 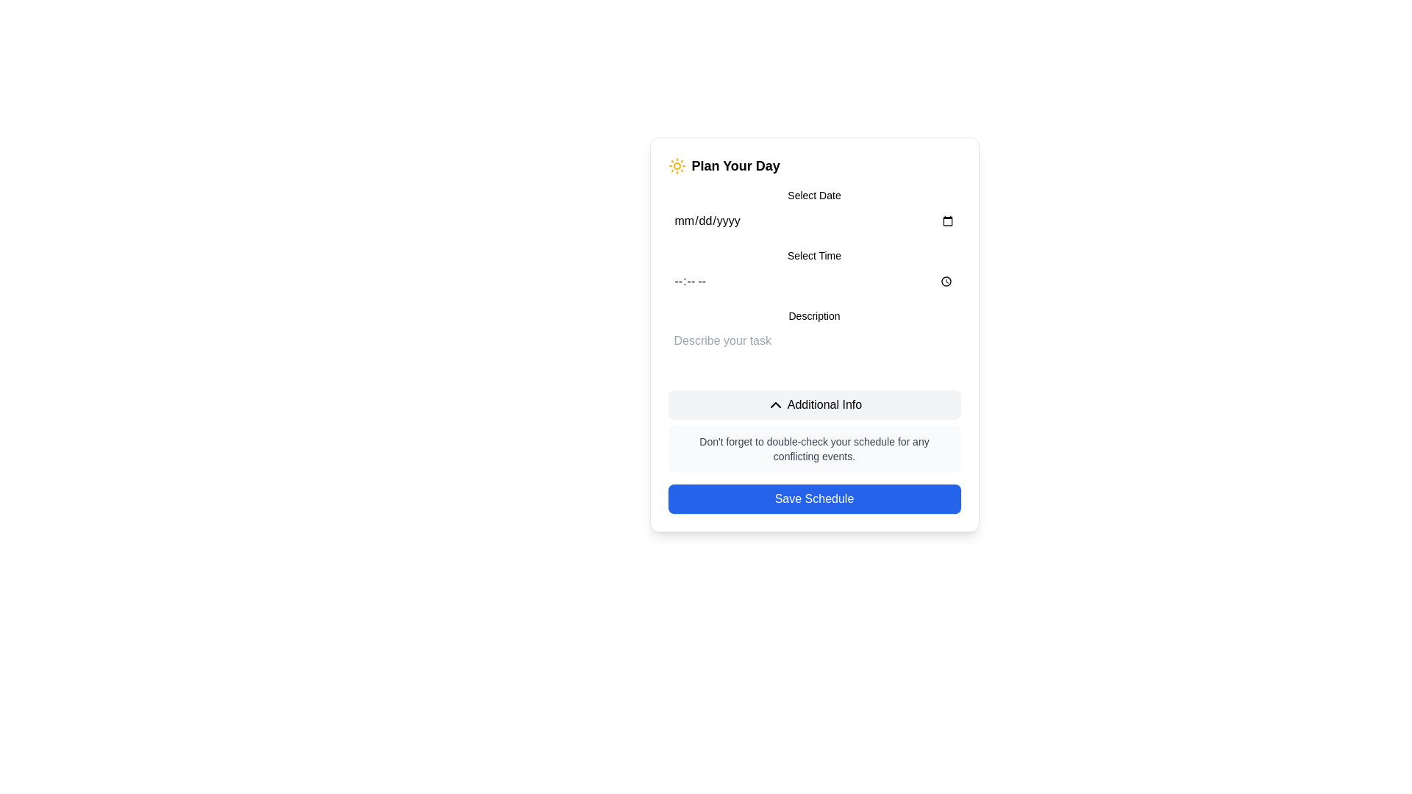 What do you see at coordinates (813, 405) in the screenshot?
I see `the button that toggles visibility for additional information related to the schedule planning process, located at the center-bottom area of a card layout` at bounding box center [813, 405].